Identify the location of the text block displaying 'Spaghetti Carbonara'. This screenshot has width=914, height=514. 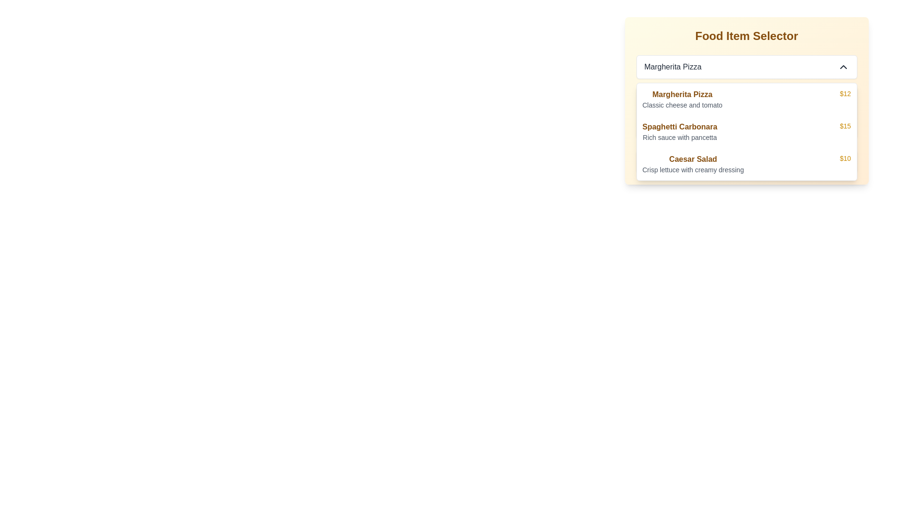
(679, 132).